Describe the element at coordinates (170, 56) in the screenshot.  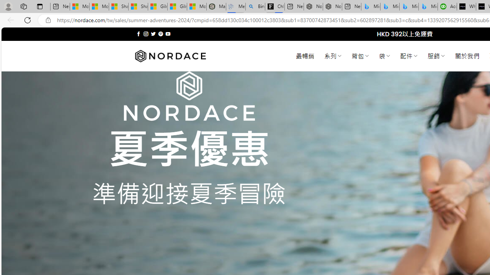
I see `'Nordace'` at that location.